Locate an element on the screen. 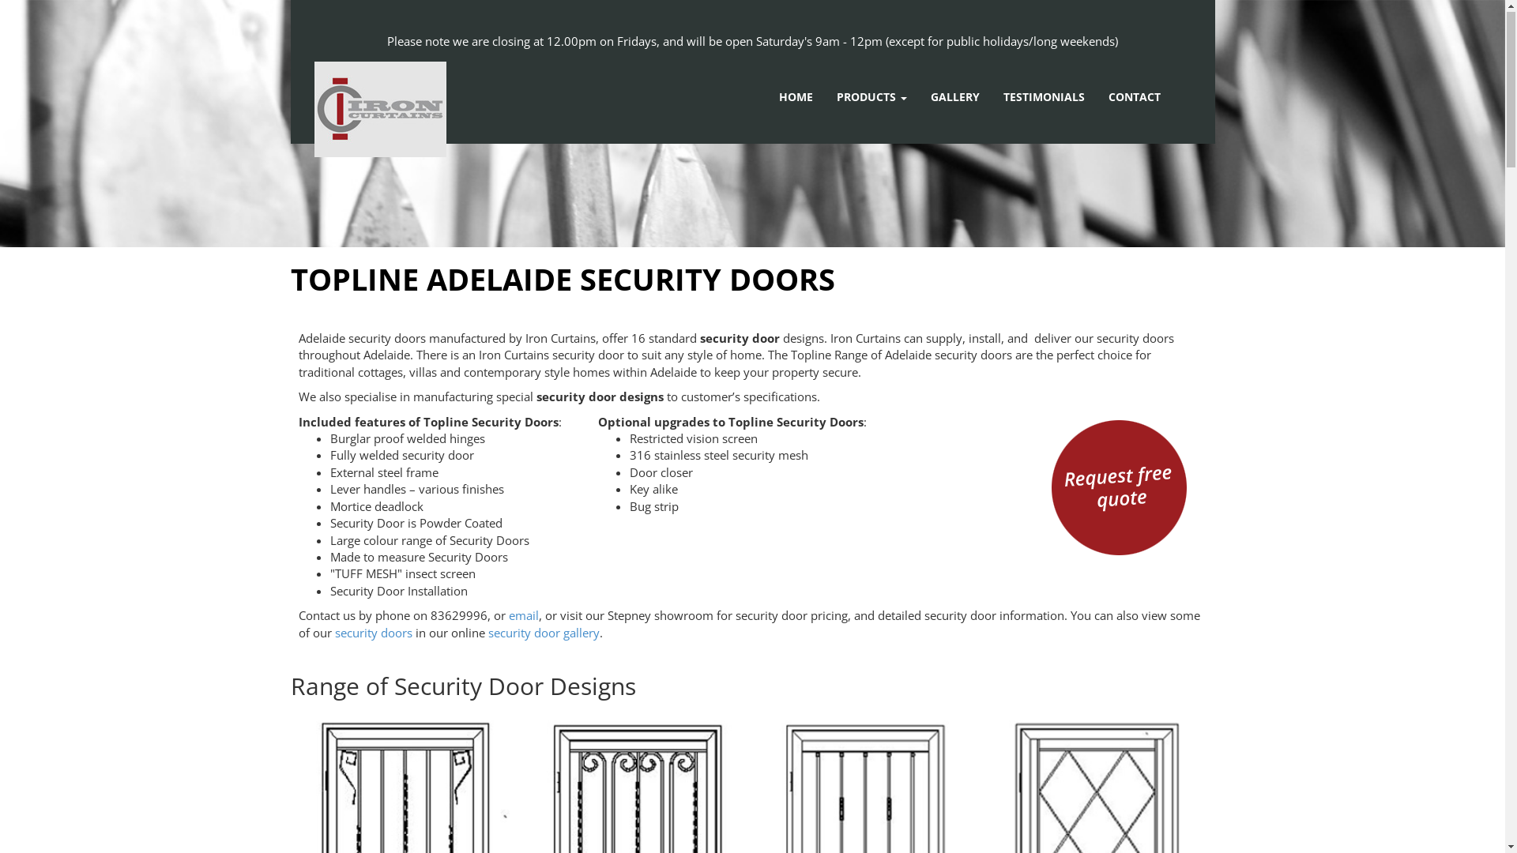 The height and width of the screenshot is (853, 1517). 'GALLERY' is located at coordinates (954, 97).